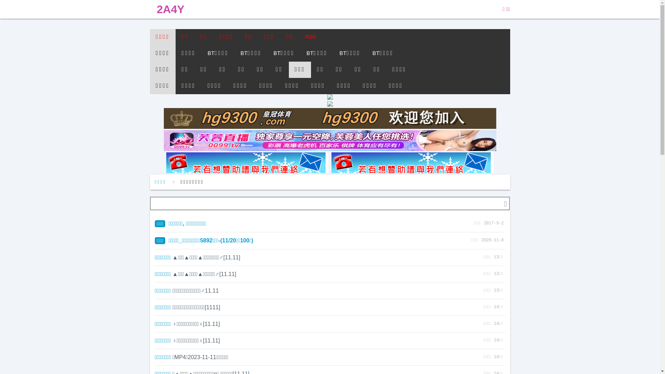 The width and height of the screenshot is (665, 374). I want to click on '2A4Y', so click(149, 9).